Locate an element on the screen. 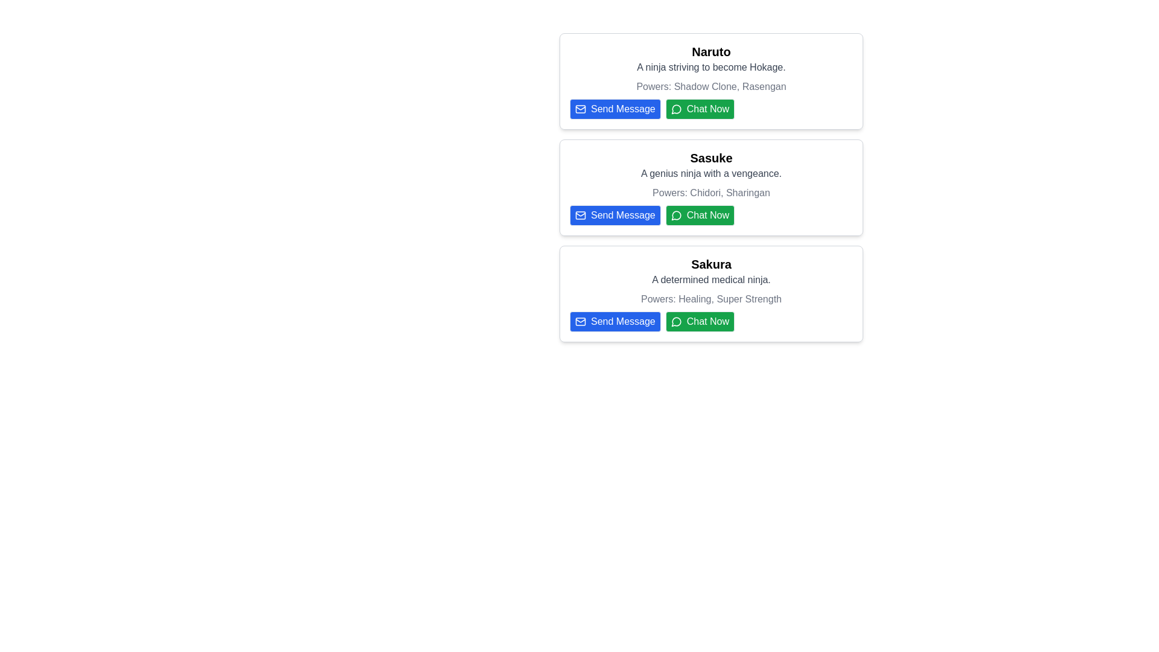  the mail icon, which is represented by a simple envelope design on a blue rectangular background, located within the 'Send Message' button on the left side of the button's text is located at coordinates (580, 109).